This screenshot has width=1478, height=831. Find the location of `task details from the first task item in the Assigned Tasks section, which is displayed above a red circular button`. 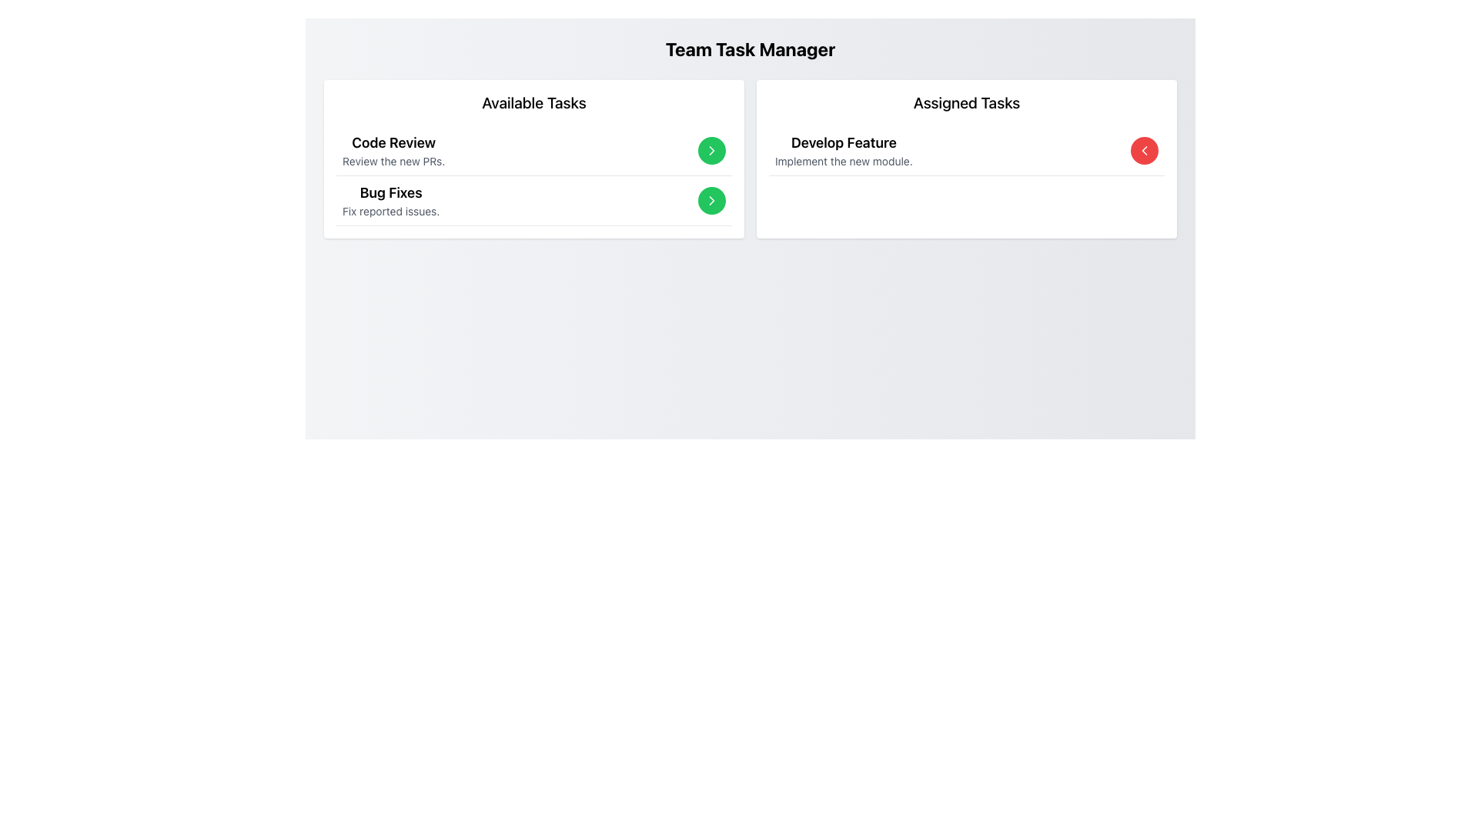

task details from the first task item in the Assigned Tasks section, which is displayed above a red circular button is located at coordinates (843, 151).